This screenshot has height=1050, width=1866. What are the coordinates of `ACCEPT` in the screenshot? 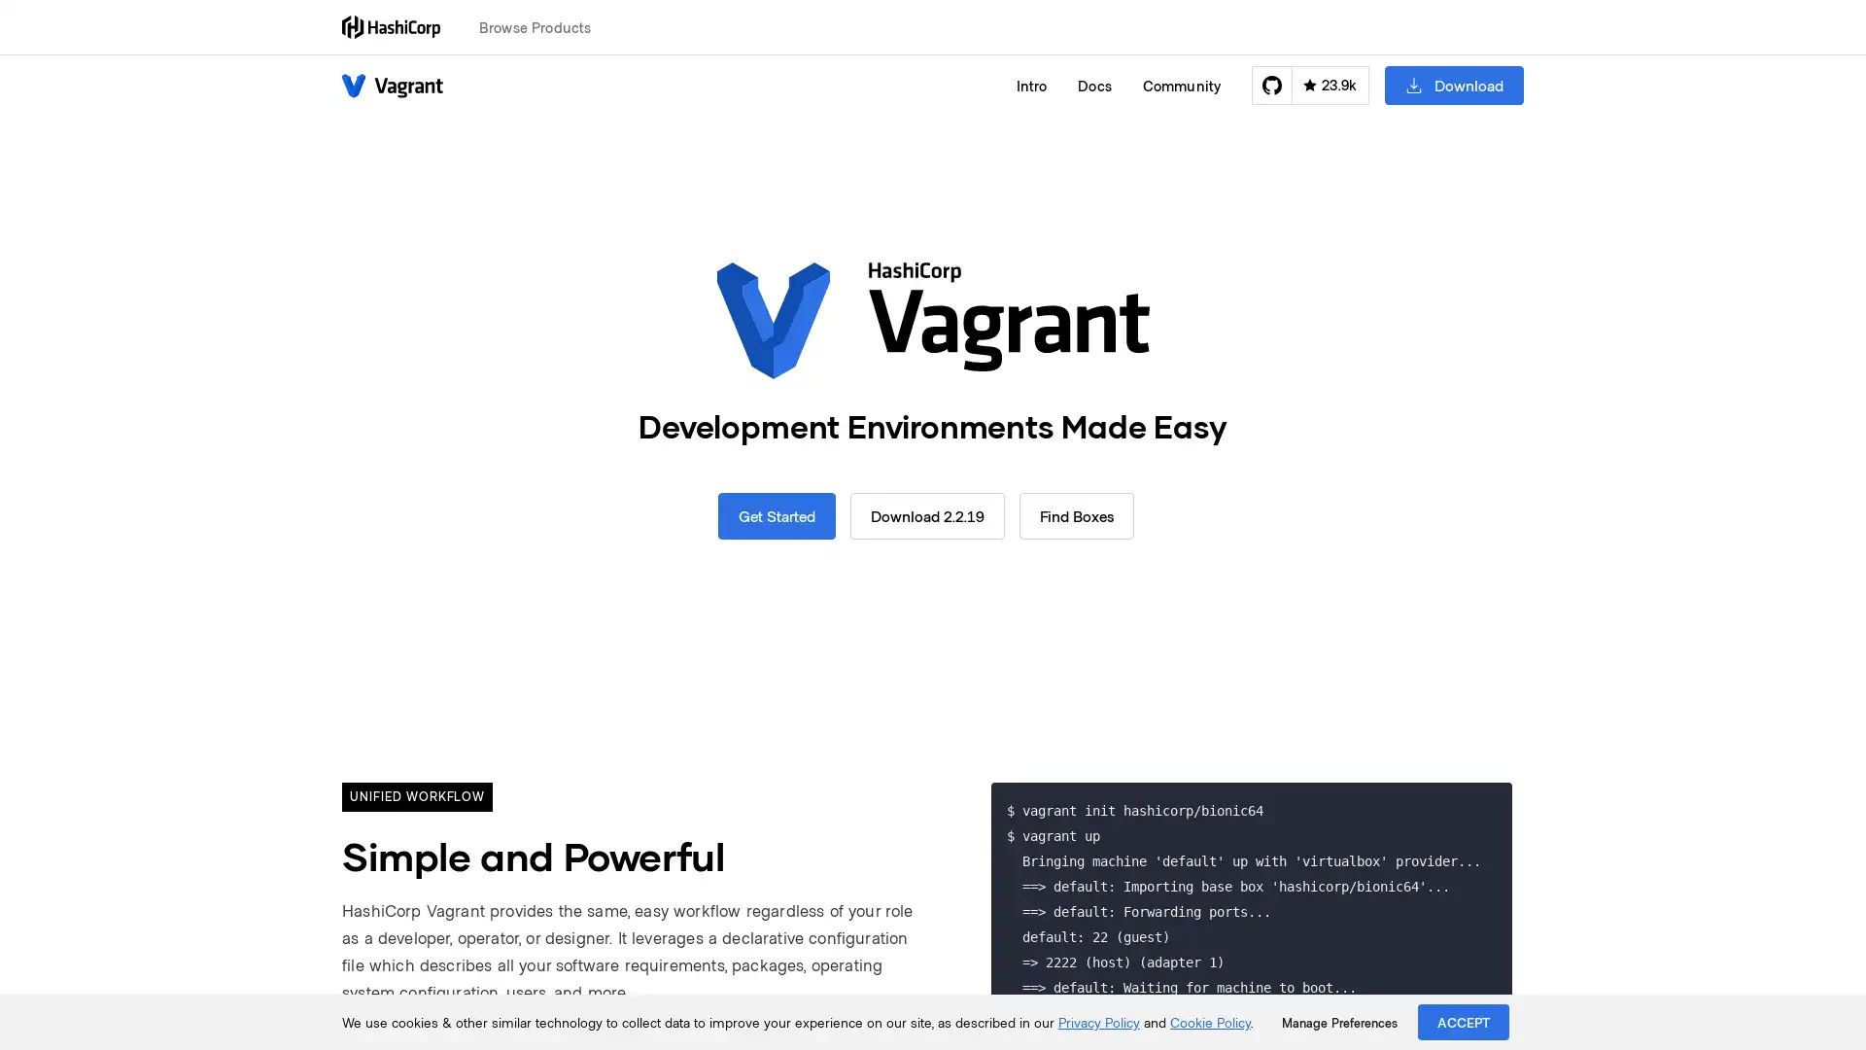 It's located at (1464, 1021).